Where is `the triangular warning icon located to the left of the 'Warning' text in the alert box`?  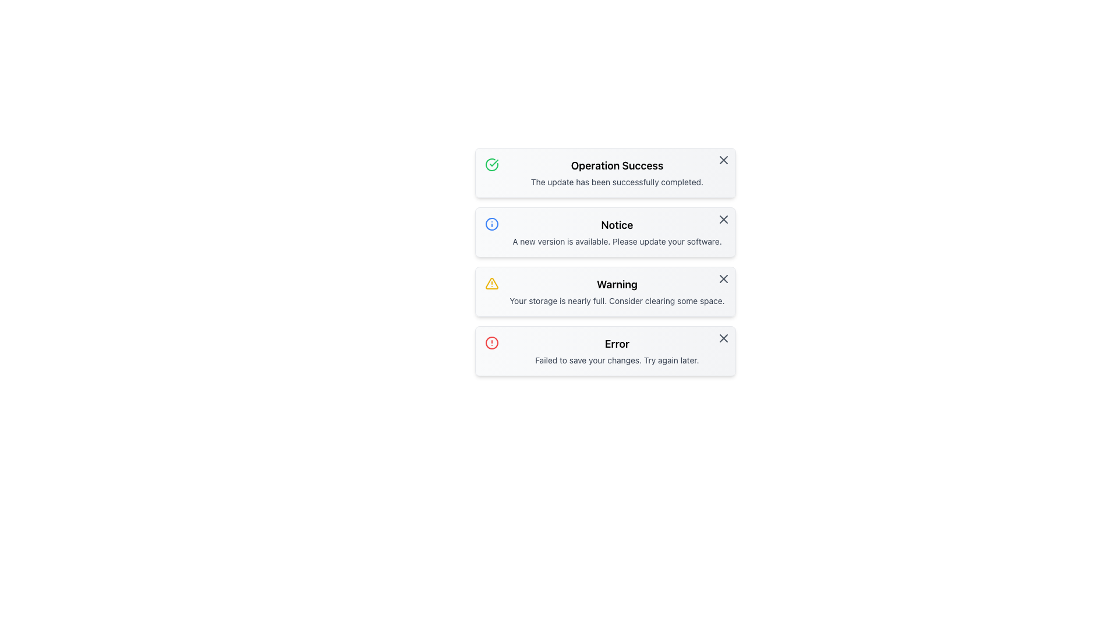
the triangular warning icon located to the left of the 'Warning' text in the alert box is located at coordinates (491, 283).